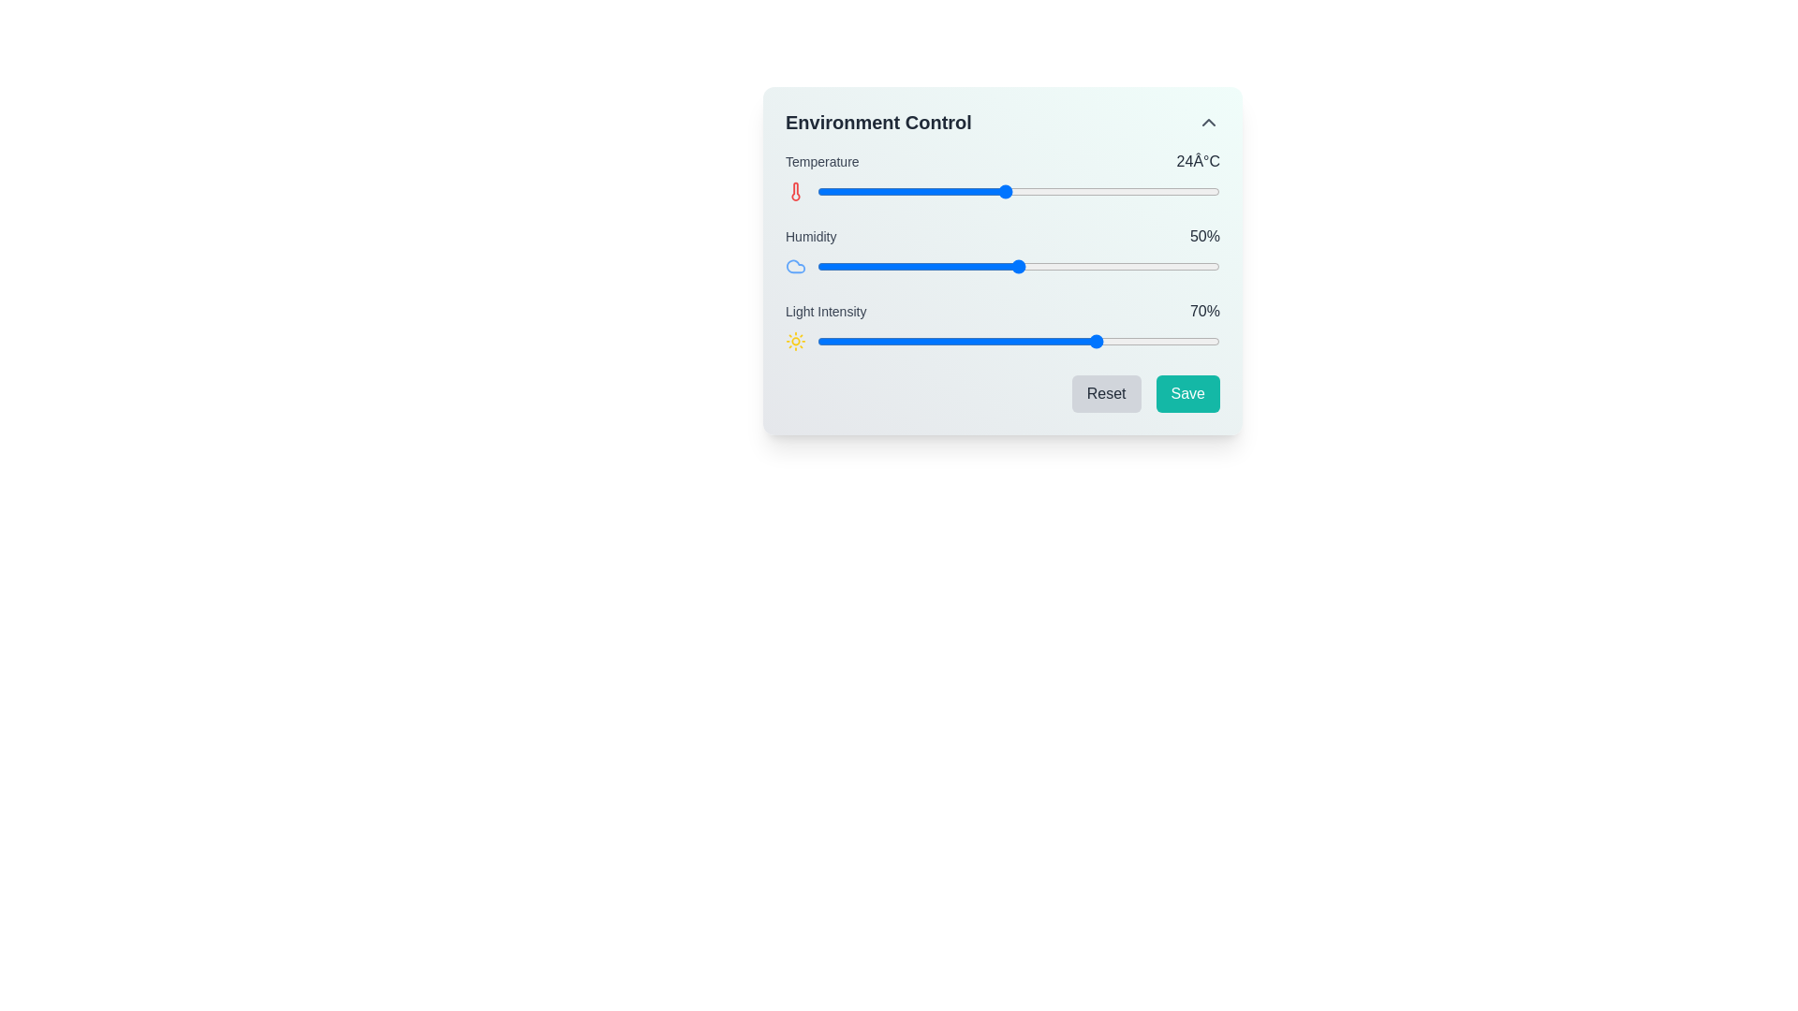 The width and height of the screenshot is (1798, 1011). I want to click on the Light Intensity slider, so click(989, 342).